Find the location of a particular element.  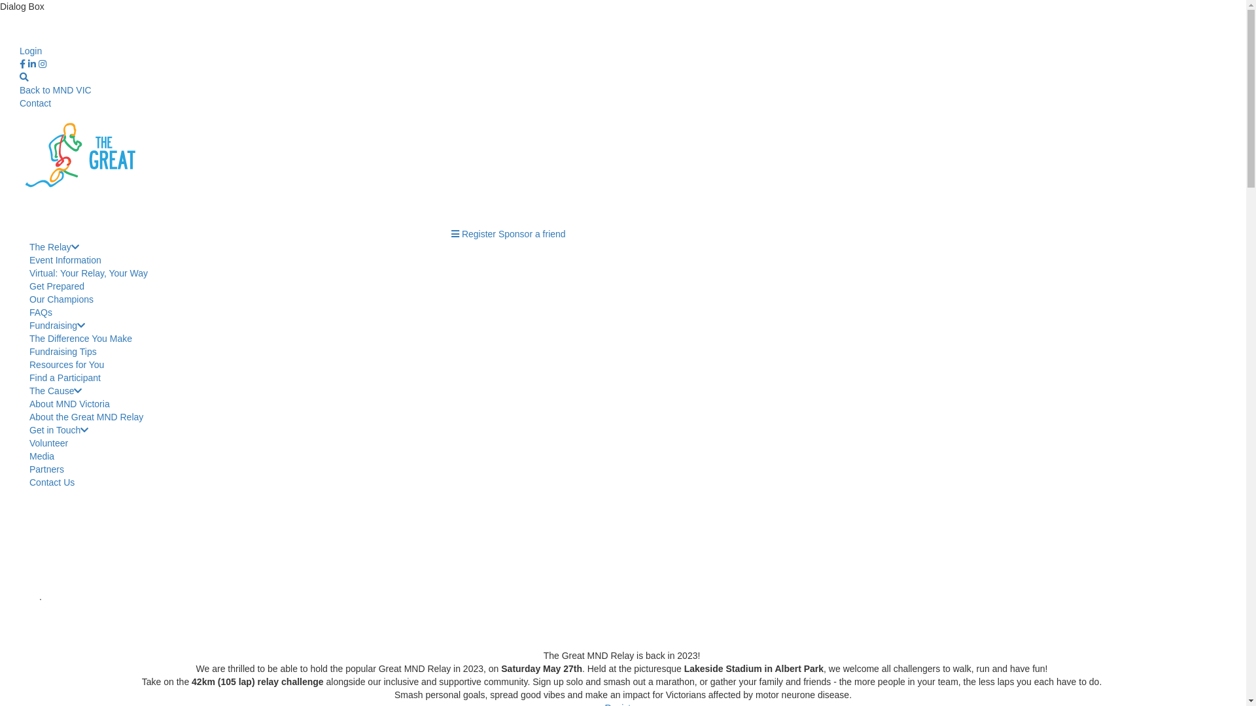

'Event Information' is located at coordinates (65, 260).